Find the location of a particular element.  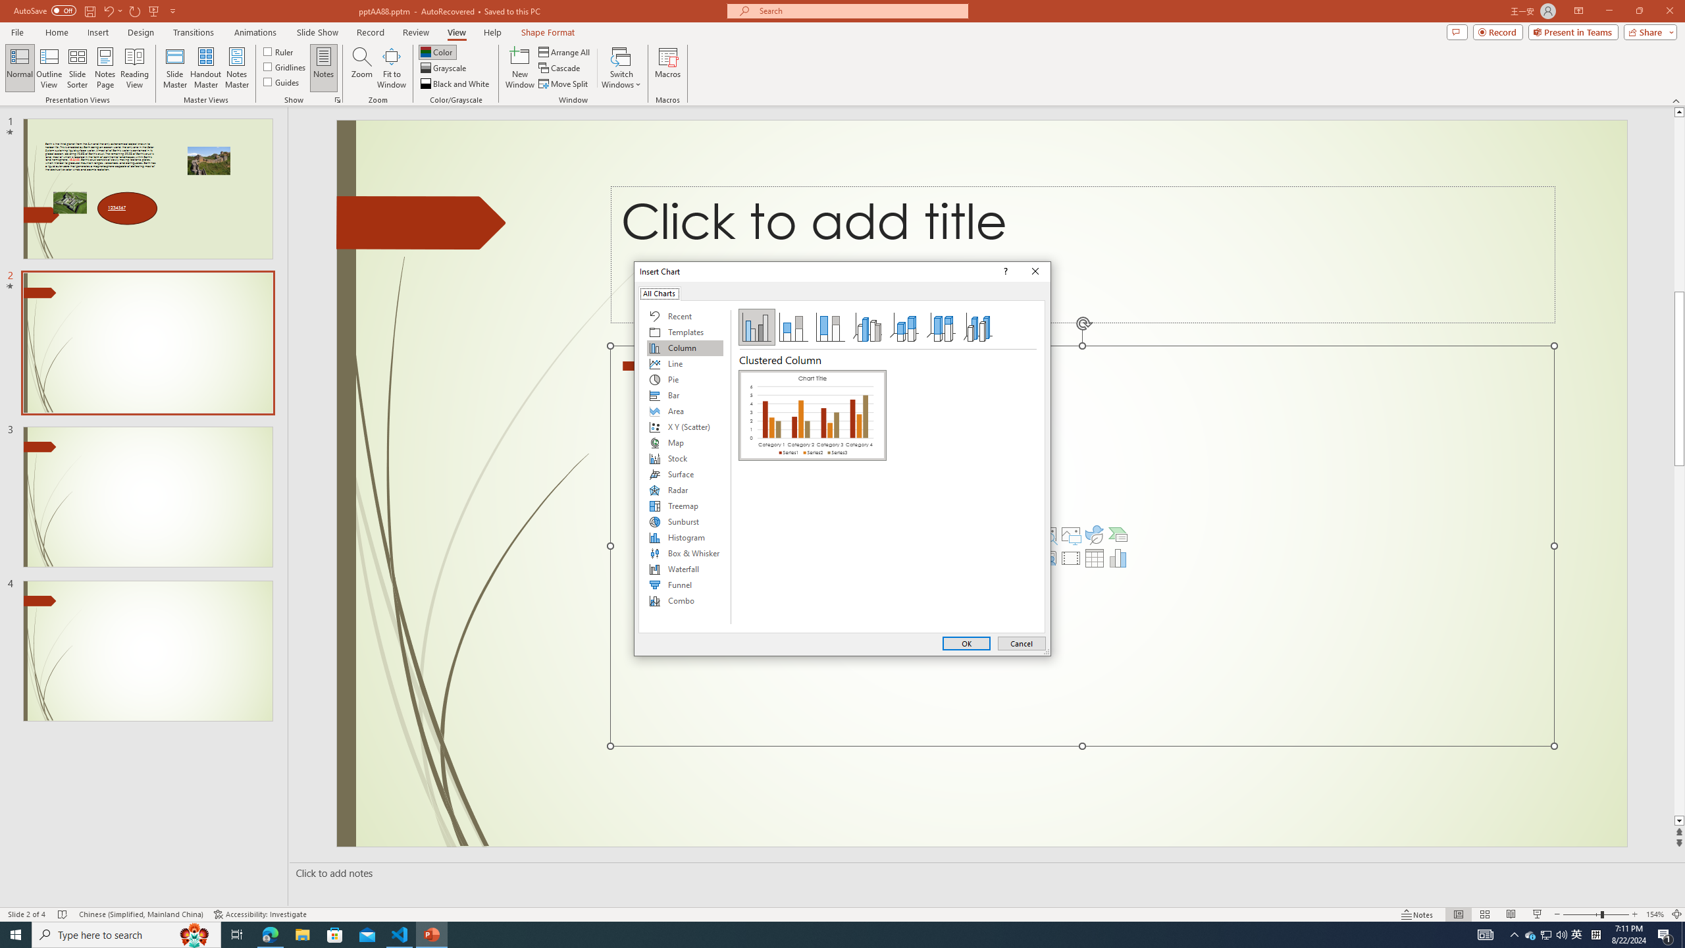

'X Y (Scatter)' is located at coordinates (684, 426).